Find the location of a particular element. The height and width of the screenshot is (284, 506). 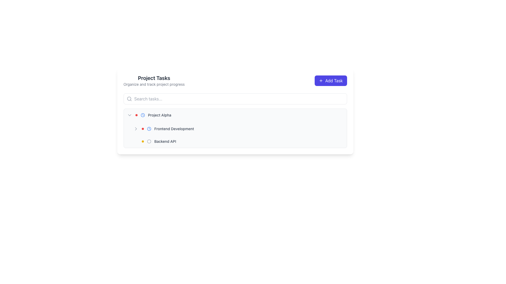

the 'Add Task' button located in the 'Project Tasks' section is located at coordinates (330, 81).